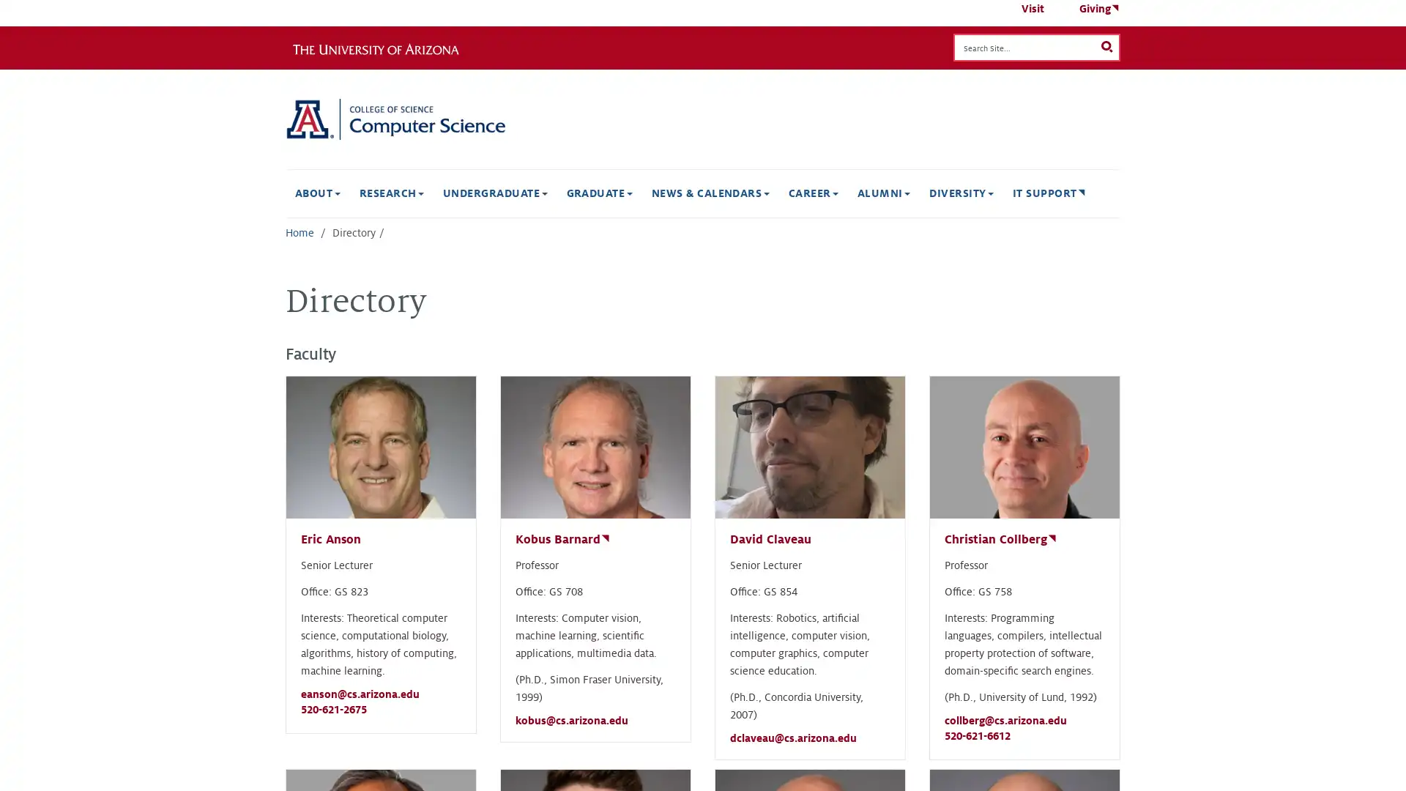  What do you see at coordinates (1106, 46) in the screenshot?
I see `Search` at bounding box center [1106, 46].